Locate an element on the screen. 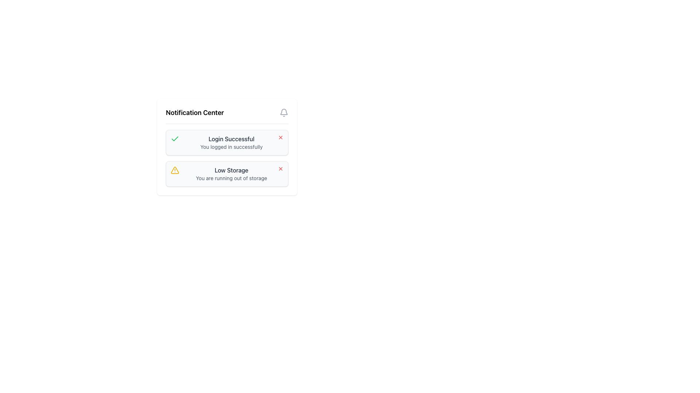 This screenshot has width=700, height=393. the notification message displayed in the centrally positioned Text Block within the Notification Center interface after a successful login action is located at coordinates (231, 143).